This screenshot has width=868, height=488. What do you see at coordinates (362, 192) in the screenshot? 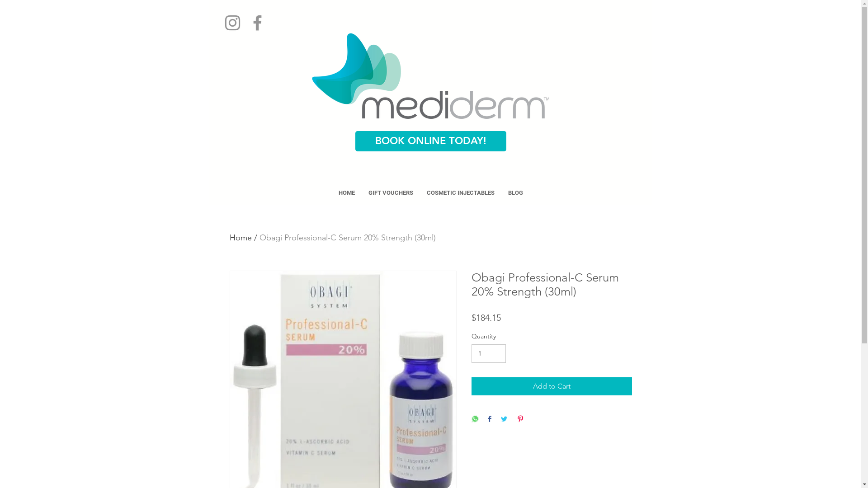
I see `'GIFT VOUCHERS'` at bounding box center [362, 192].